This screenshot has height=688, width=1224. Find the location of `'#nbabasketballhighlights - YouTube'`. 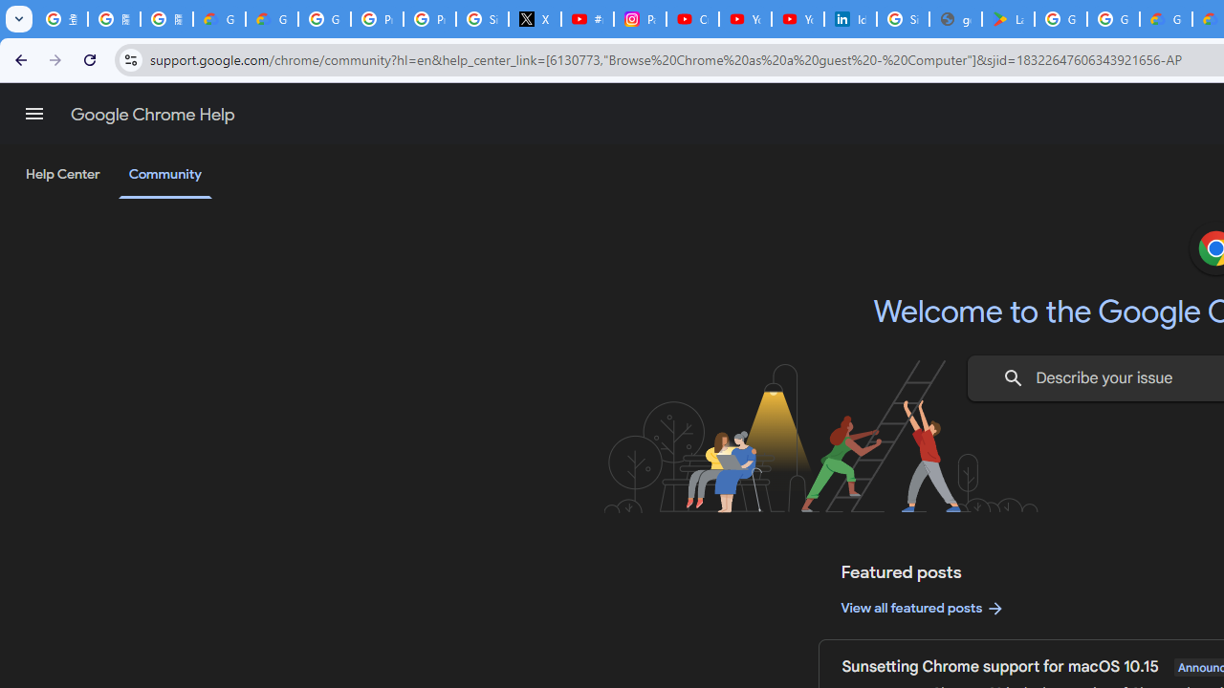

'#nbabasketballhighlights - YouTube' is located at coordinates (587, 19).